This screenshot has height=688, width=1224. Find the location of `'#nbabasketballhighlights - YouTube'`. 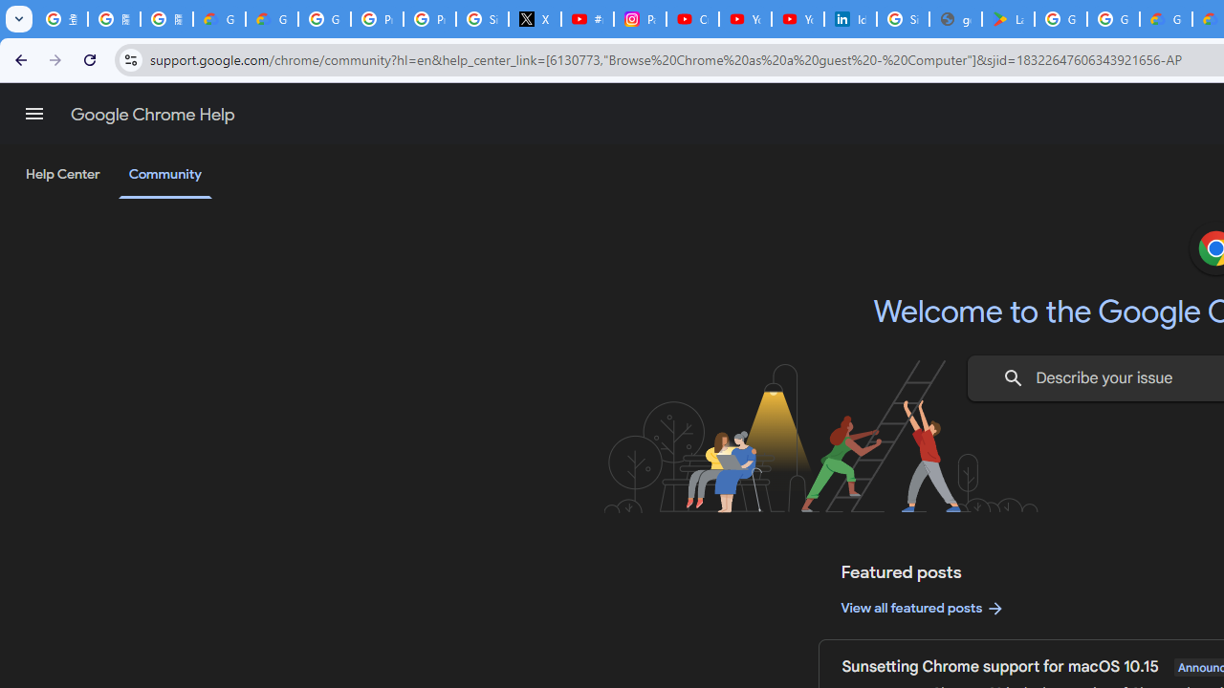

'#nbabasketballhighlights - YouTube' is located at coordinates (587, 19).